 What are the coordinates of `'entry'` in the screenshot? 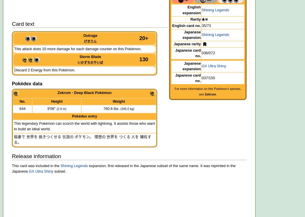 It's located at (92, 116).